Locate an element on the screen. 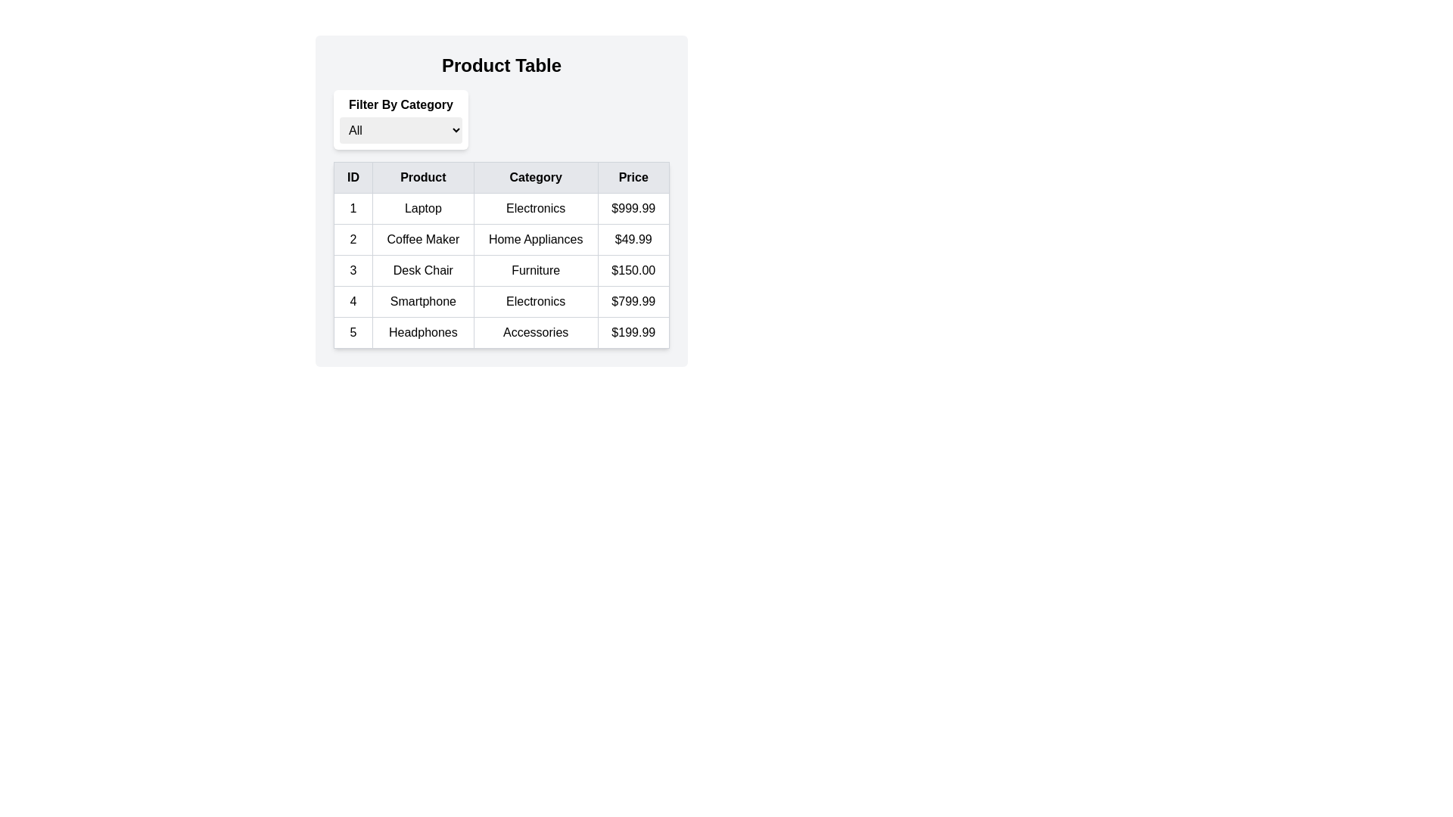  the second column header cell in the table is located at coordinates (423, 177).